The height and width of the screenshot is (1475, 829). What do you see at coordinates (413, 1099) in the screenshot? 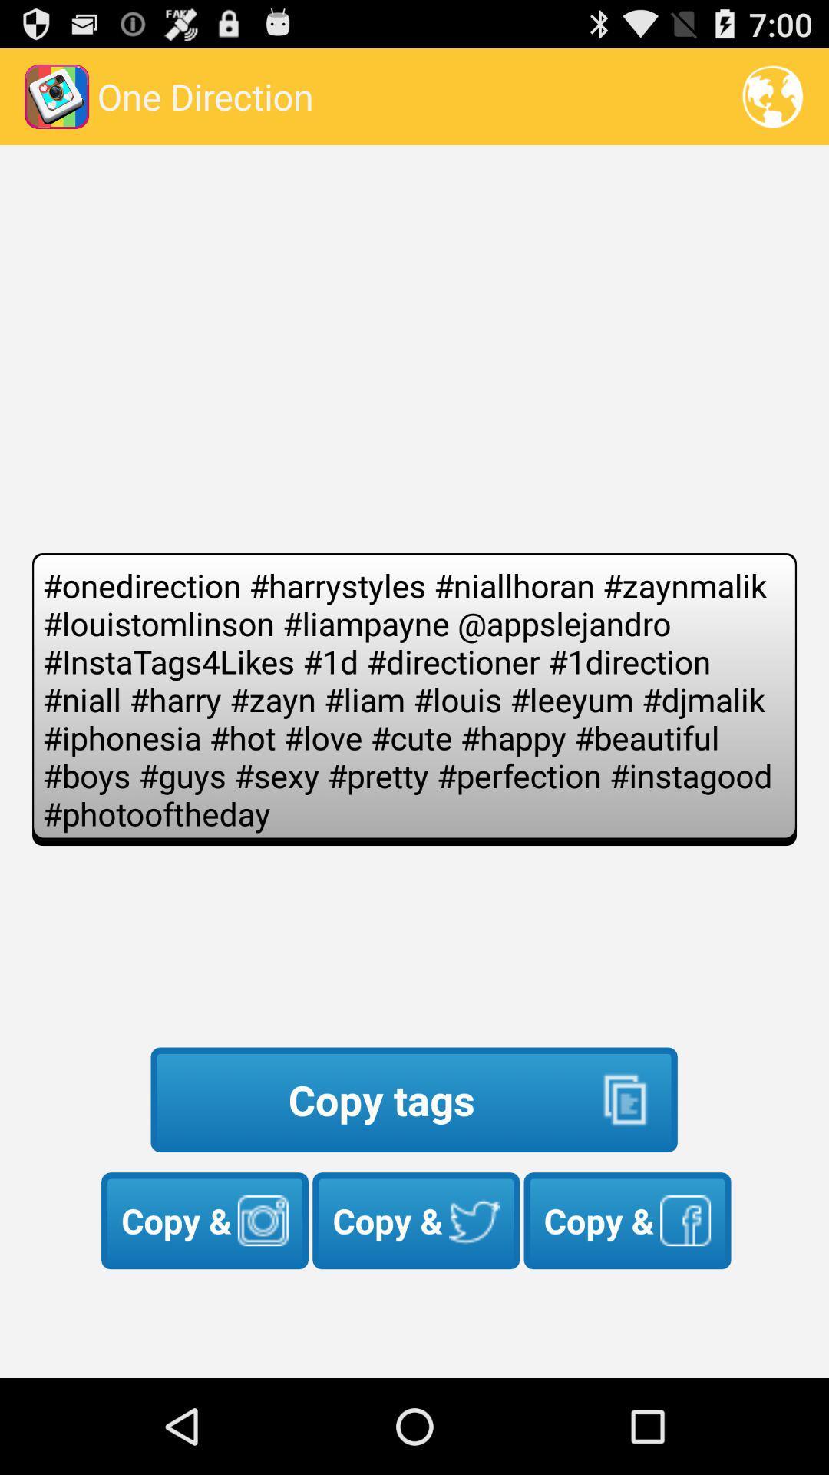
I see `the copy tags button` at bounding box center [413, 1099].